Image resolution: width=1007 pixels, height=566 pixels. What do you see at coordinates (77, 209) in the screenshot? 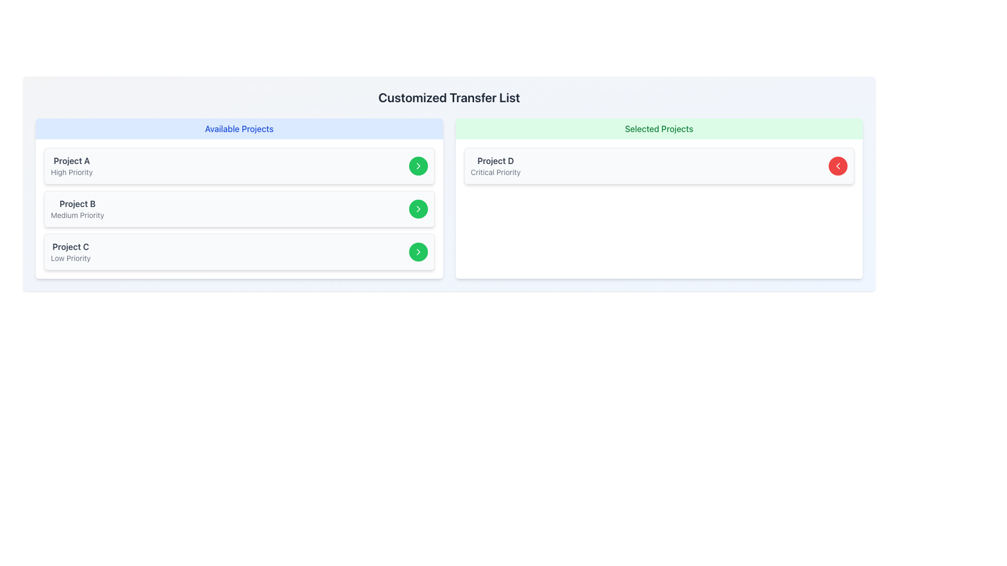
I see `the Static Text Display that shows 'Project B' with 'Medium Priority' in the second card under 'Available Projects'` at bounding box center [77, 209].